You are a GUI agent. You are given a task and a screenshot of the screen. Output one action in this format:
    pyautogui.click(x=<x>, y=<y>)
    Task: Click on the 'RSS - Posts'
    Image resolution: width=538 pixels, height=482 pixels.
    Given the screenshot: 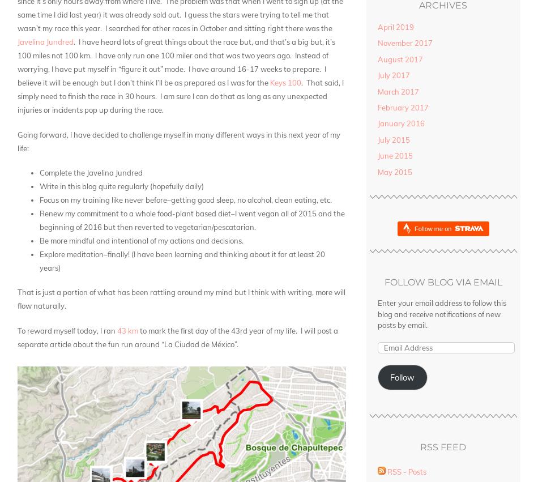 What is the action you would take?
    pyautogui.click(x=405, y=471)
    